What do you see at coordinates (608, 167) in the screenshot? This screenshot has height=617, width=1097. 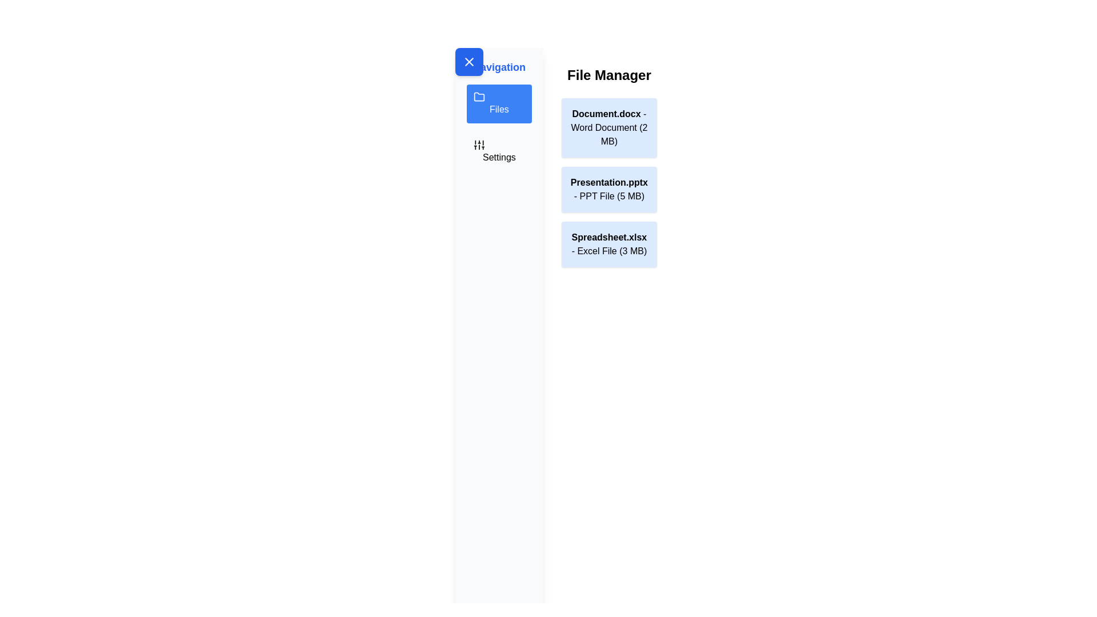 I see `the list item labeled 'Presentation.pptx - PPT File (5 MB)'` at bounding box center [608, 167].